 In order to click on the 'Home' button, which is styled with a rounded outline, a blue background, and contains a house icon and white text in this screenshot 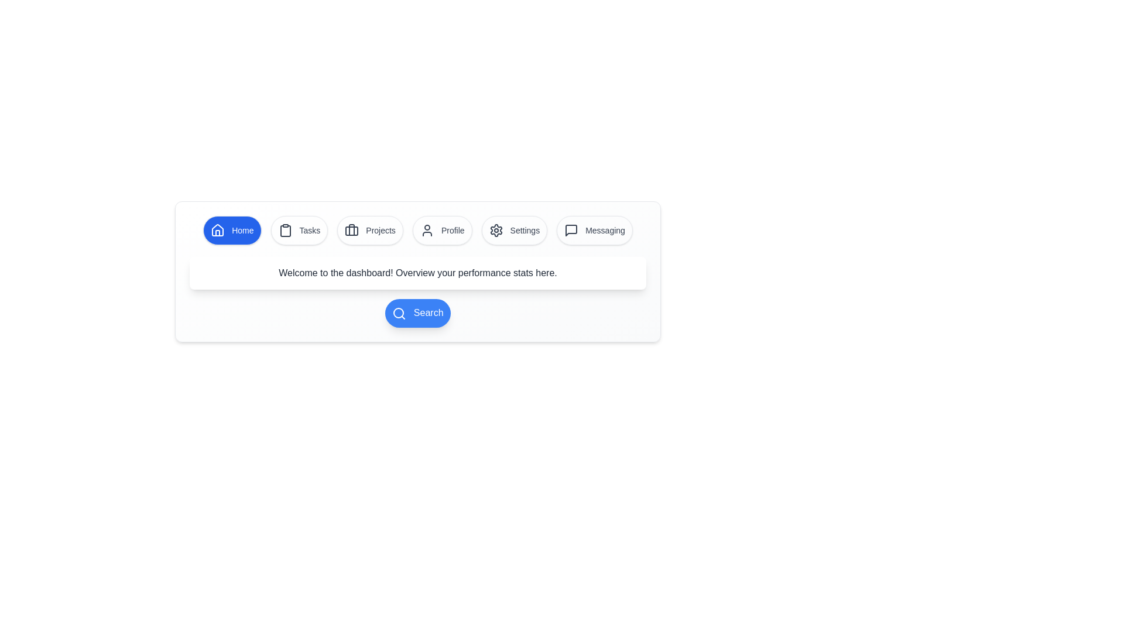, I will do `click(232, 230)`.